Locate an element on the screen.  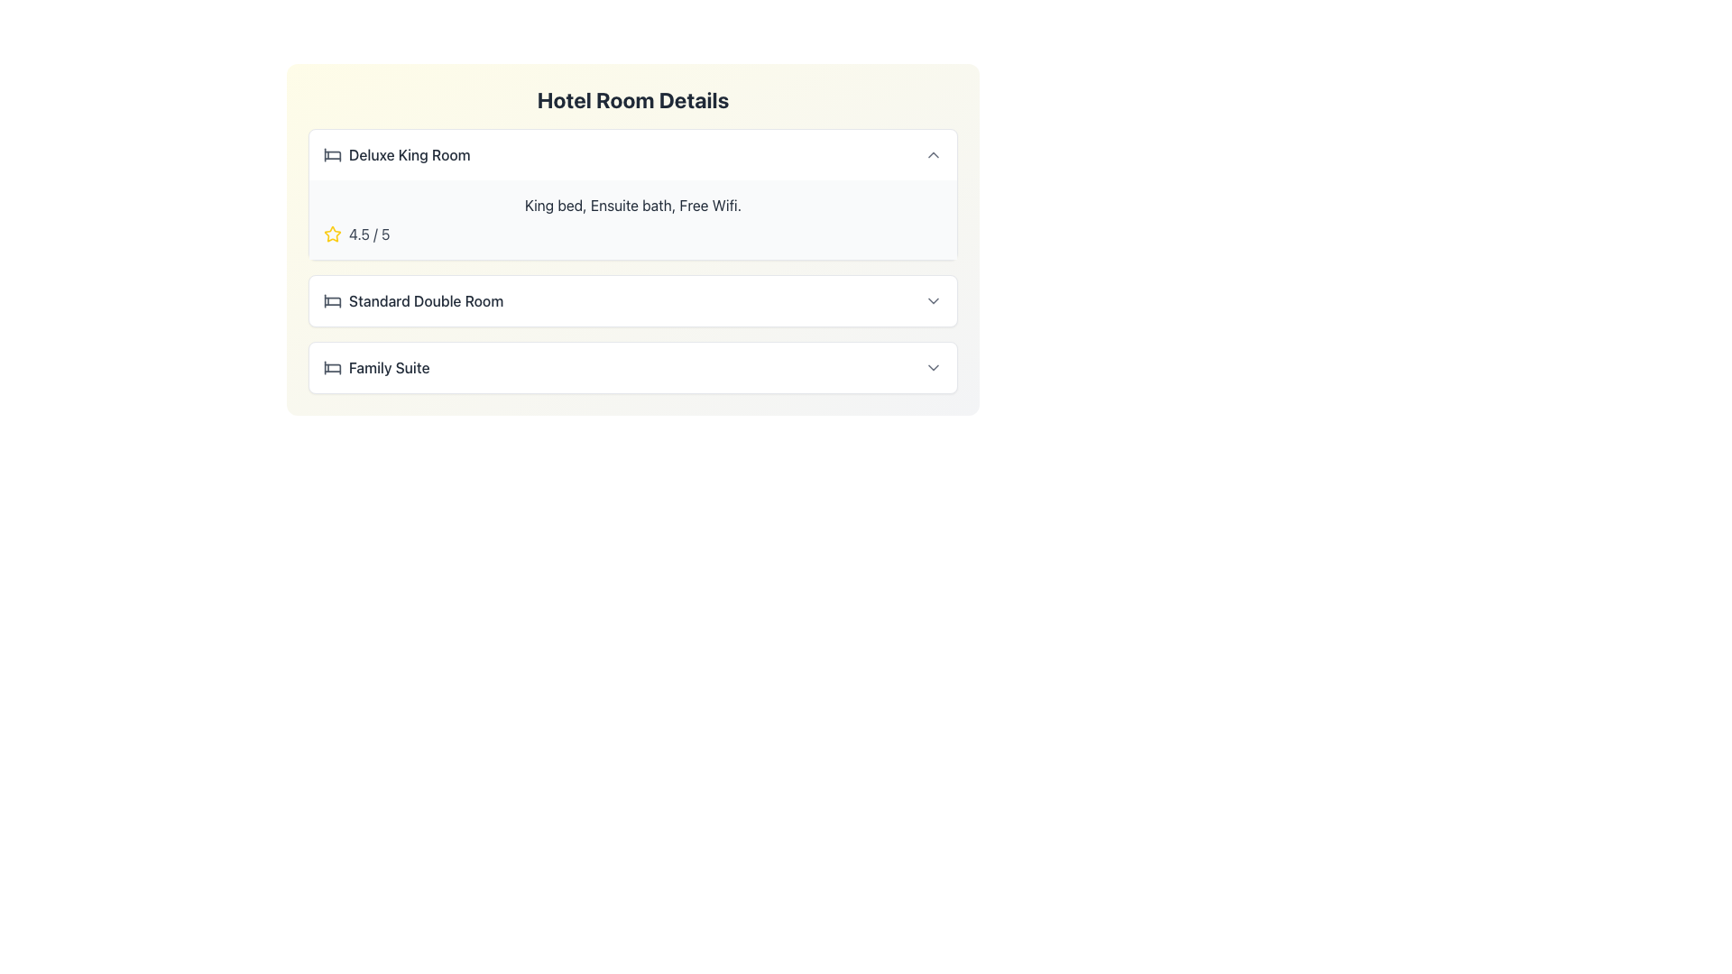
the 'Family Suite' room details button located in the third section of the vertically stacked list of room options is located at coordinates (632, 367).